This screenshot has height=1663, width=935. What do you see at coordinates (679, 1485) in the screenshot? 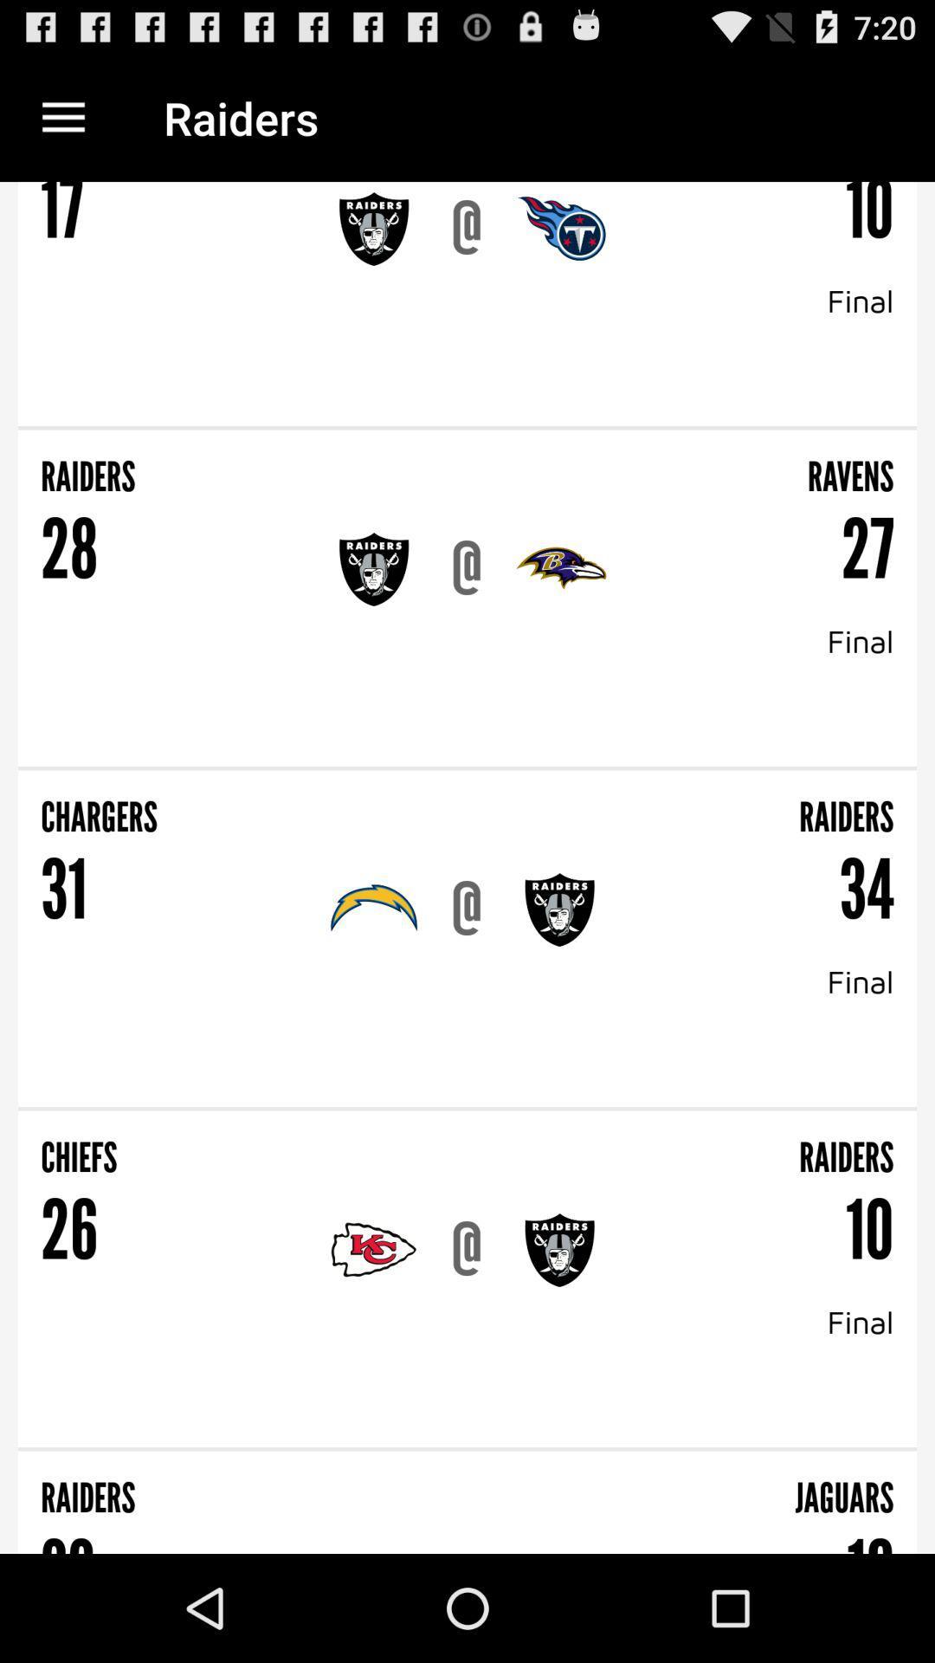
I see `jaguars item` at bounding box center [679, 1485].